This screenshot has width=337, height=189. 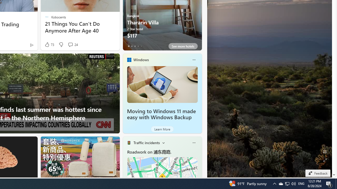 What do you see at coordinates (73, 44) in the screenshot?
I see `'View comments 24 Comment'` at bounding box center [73, 44].